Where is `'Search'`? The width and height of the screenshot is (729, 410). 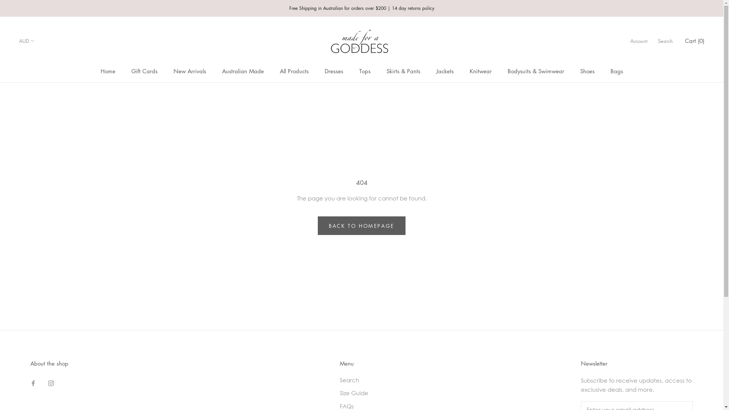 'Search' is located at coordinates (339, 380).